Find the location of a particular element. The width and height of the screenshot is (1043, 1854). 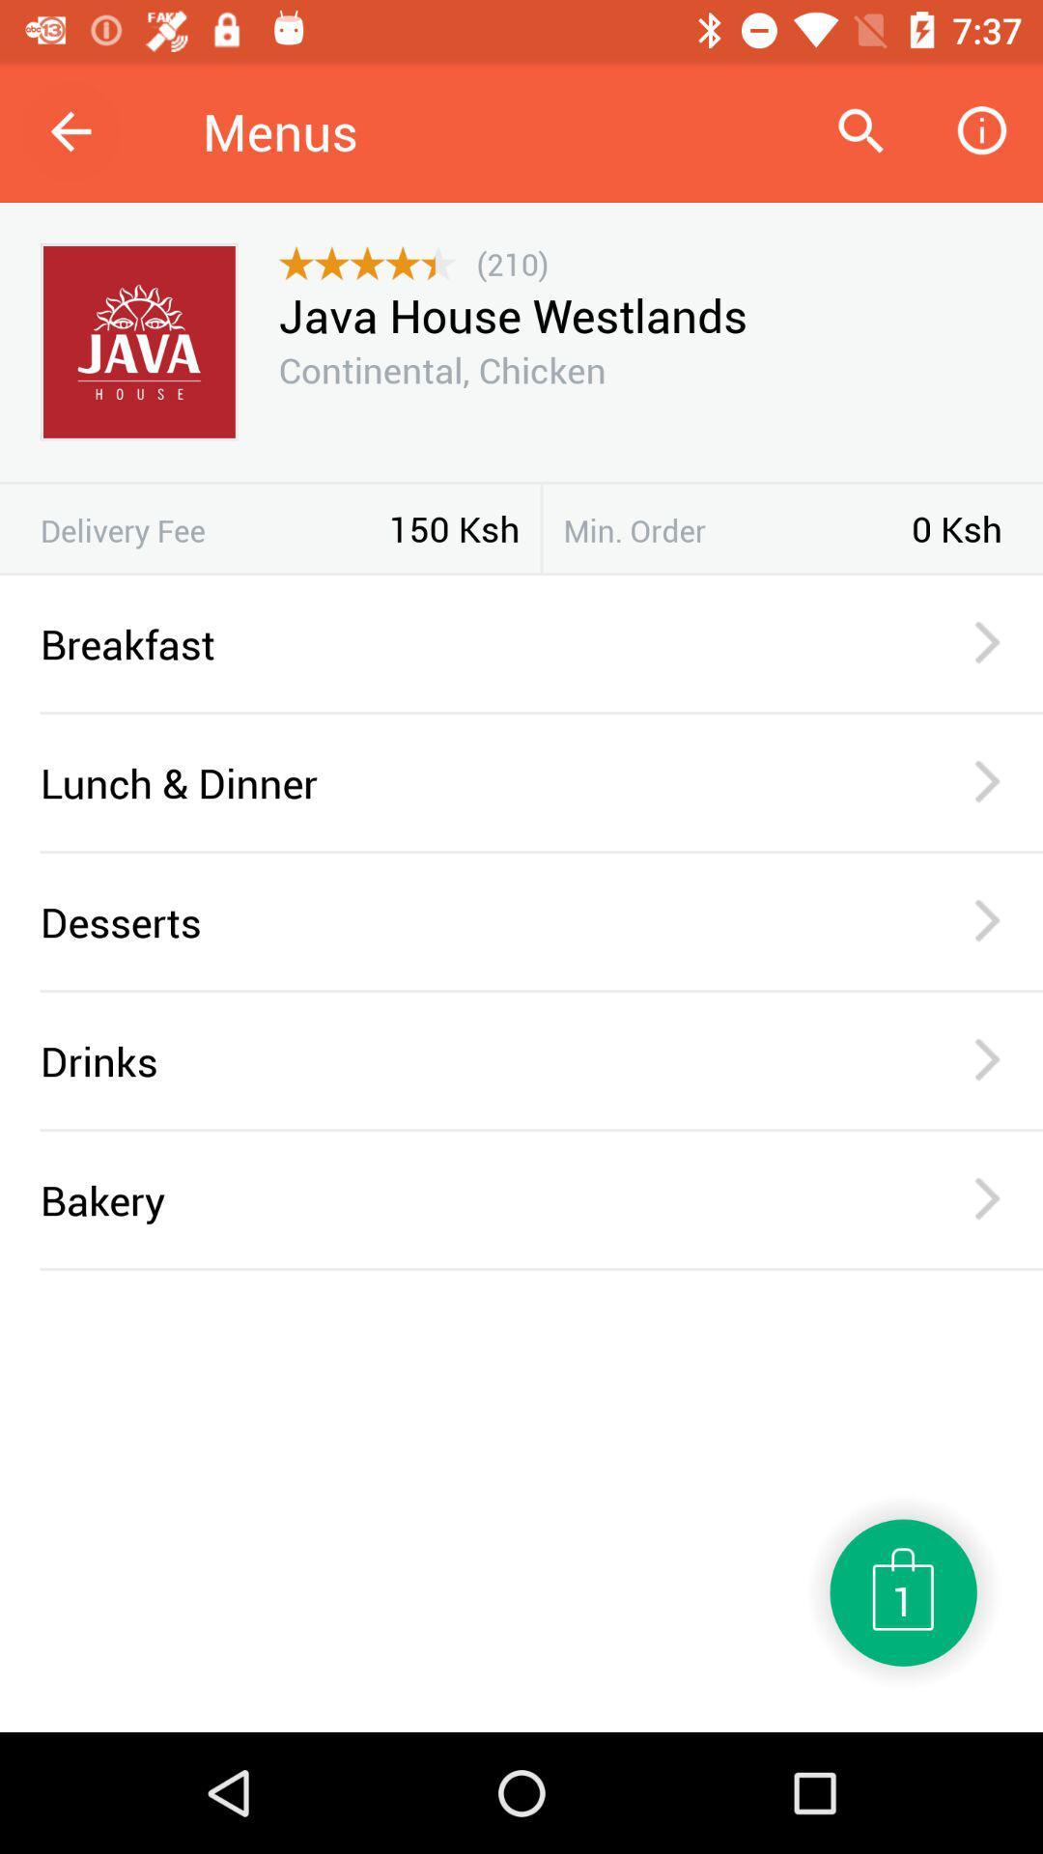

icon next to menus item is located at coordinates (70, 130).